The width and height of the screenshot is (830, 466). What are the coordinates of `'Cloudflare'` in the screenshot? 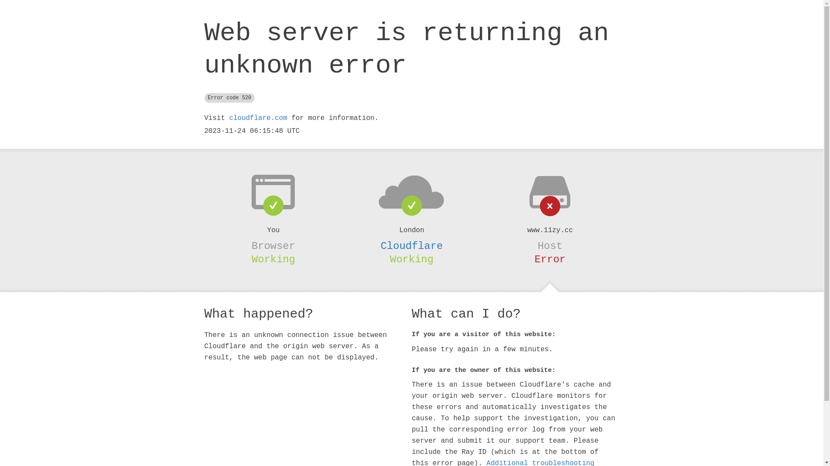 It's located at (411, 246).